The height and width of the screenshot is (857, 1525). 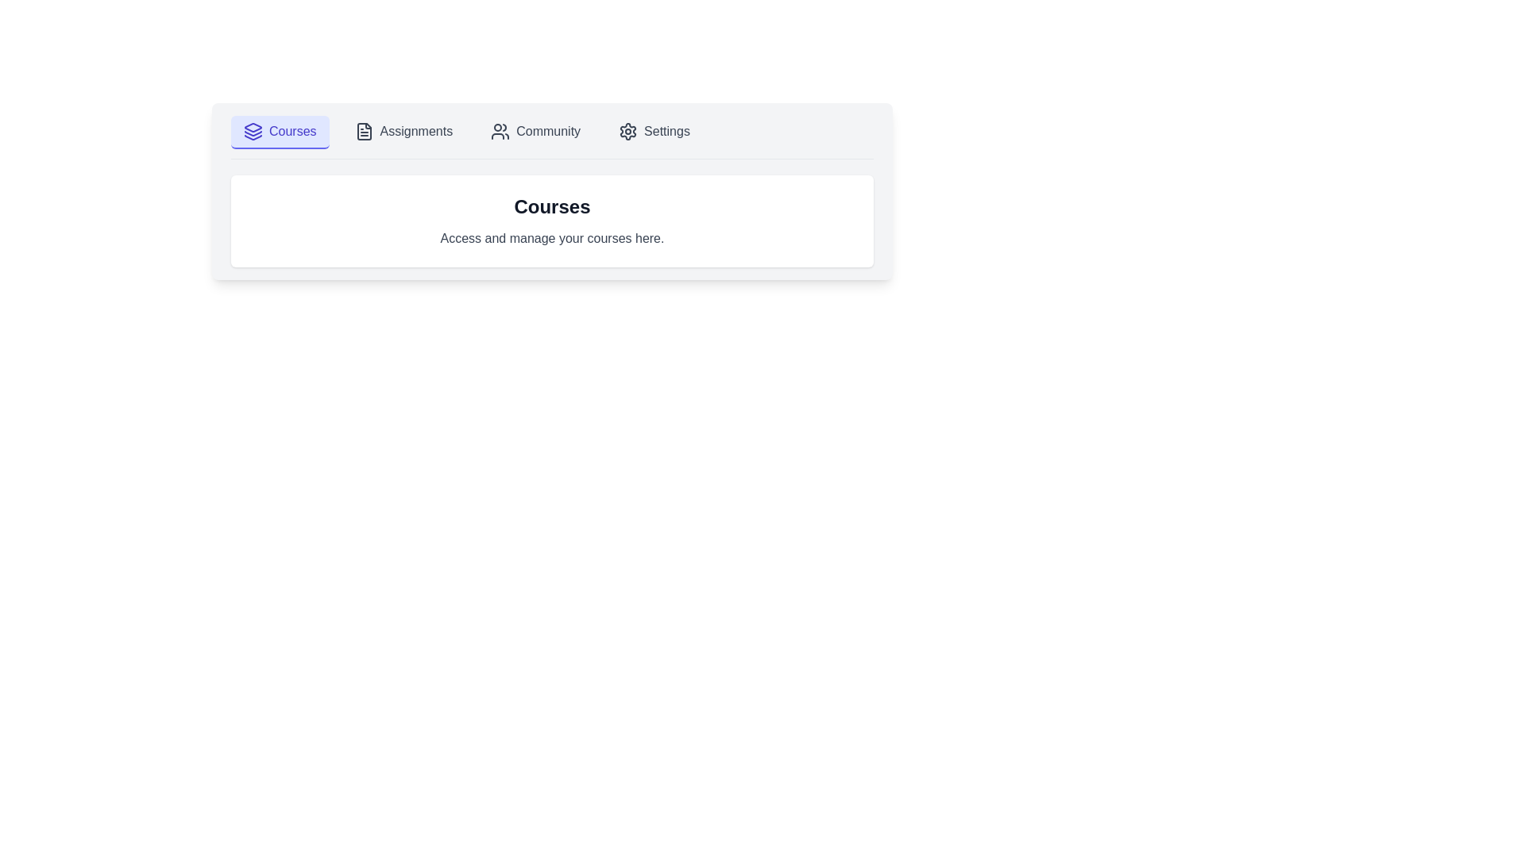 I want to click on text from the 'Community' label in the navigation bar, which is styled in gray and is the third item in the horizontal layout, so click(x=548, y=130).